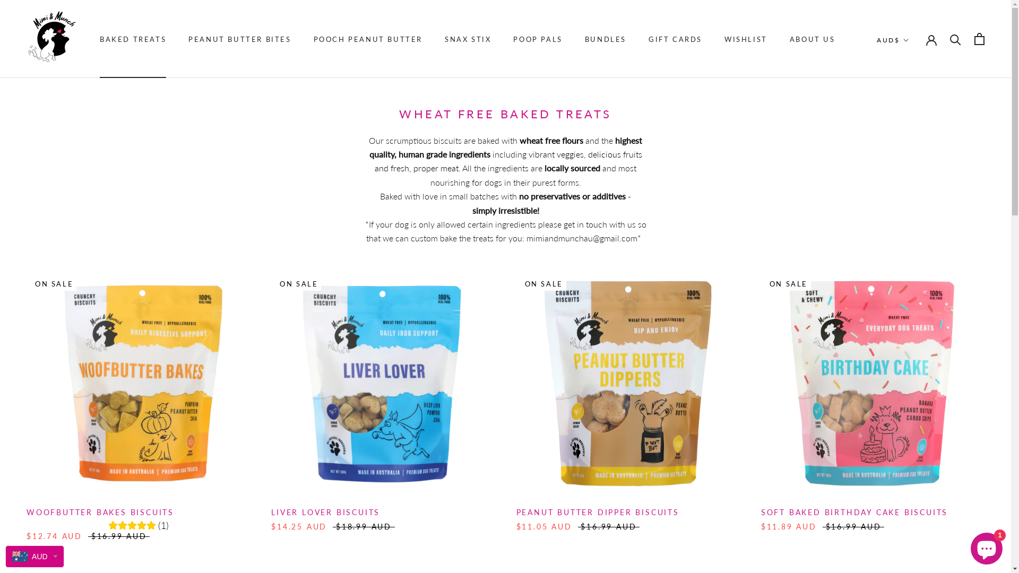 This screenshot has height=573, width=1019. What do you see at coordinates (132, 38) in the screenshot?
I see `'BAKED TREATS` at bounding box center [132, 38].